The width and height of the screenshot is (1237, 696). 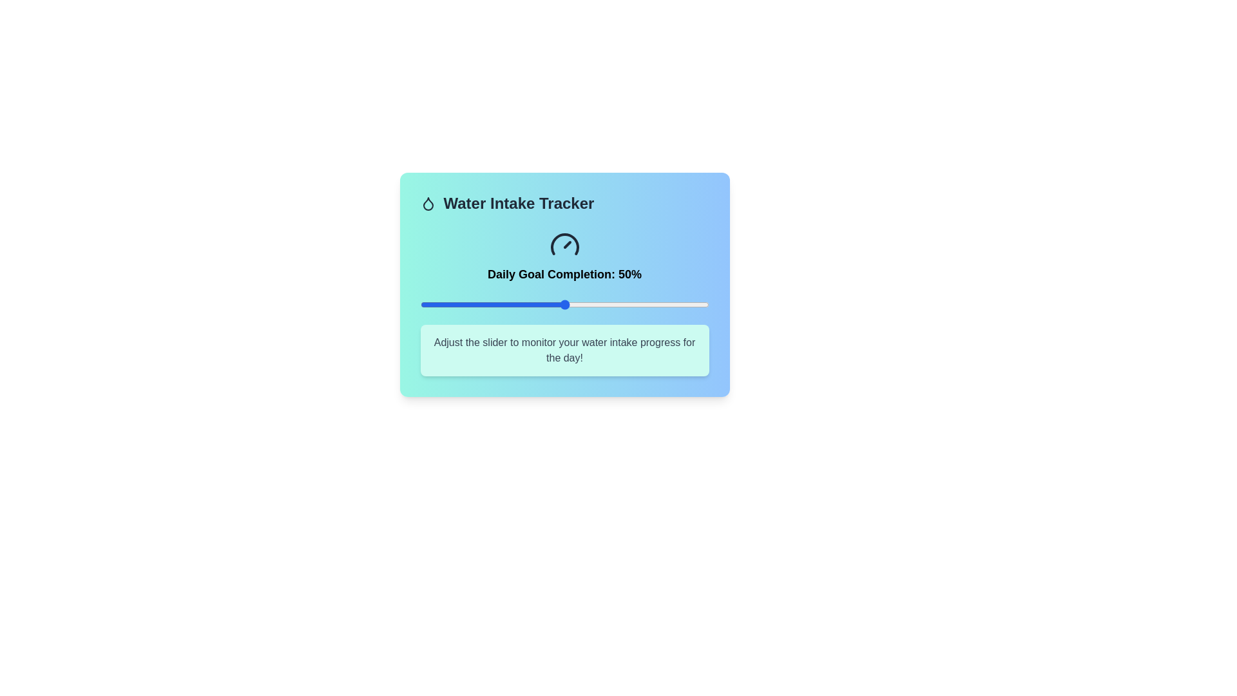 I want to click on the slider to set the water intake percentage to 82%, so click(x=657, y=305).